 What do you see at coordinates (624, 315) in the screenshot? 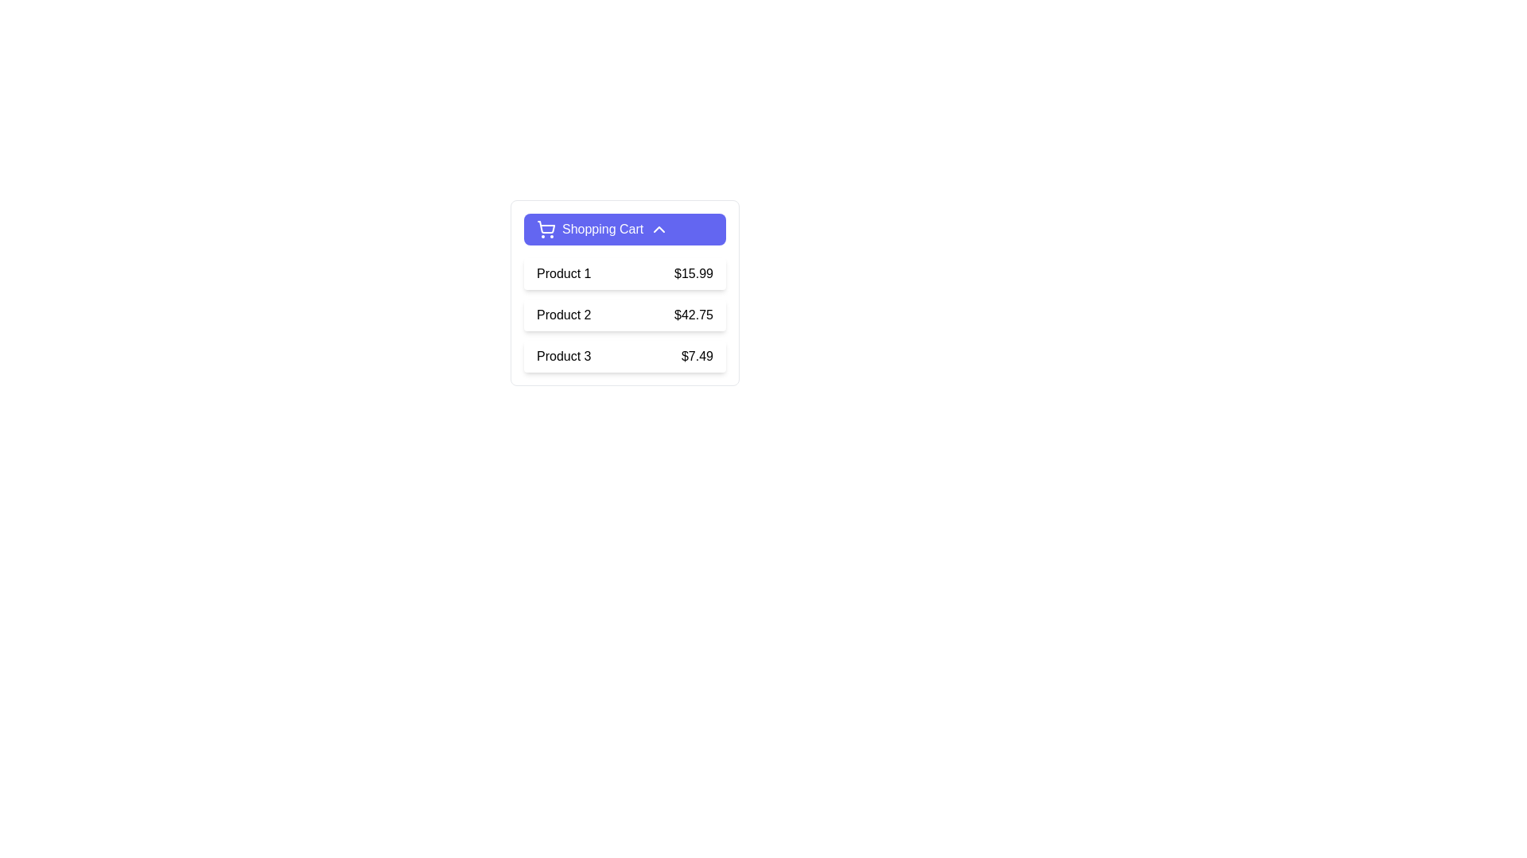
I see `the second product entry in the shopping cart that displays the product name and price, positioned between 'Product 1 $15.99' and 'Product 3 $7.49'` at bounding box center [624, 315].